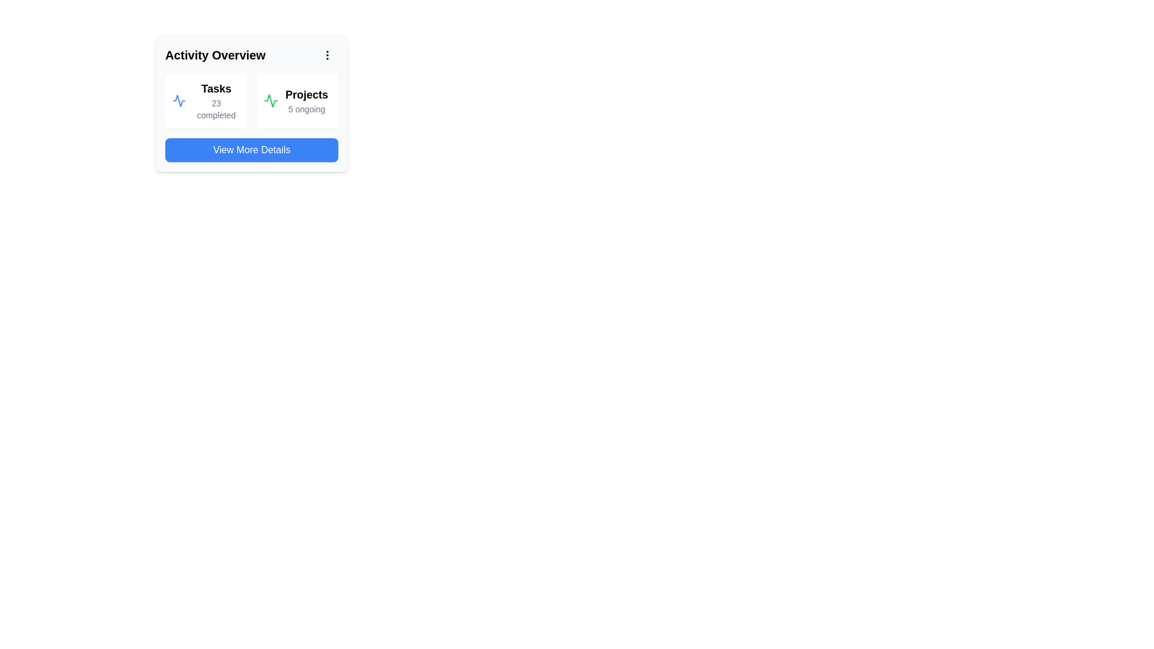  I want to click on the blue graphical icon resembling an activity graph located in the 'Tasks' section of the 'Activity Overview' card for accessibility, so click(179, 100).